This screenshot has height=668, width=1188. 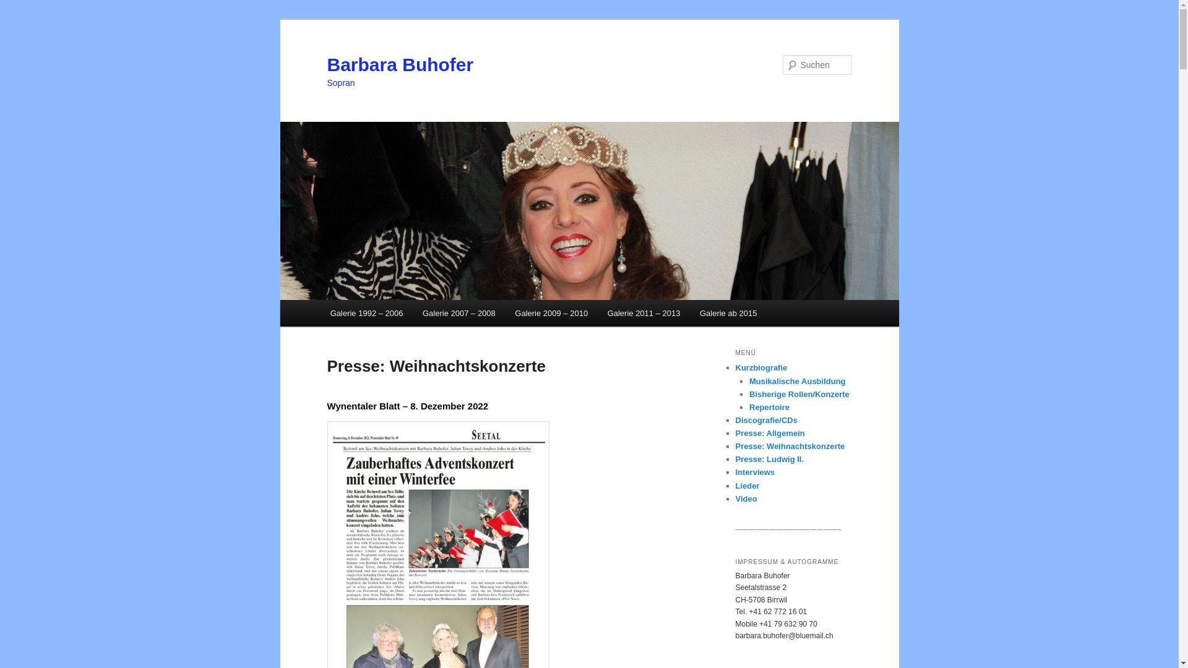 What do you see at coordinates (728, 312) in the screenshot?
I see `'Galerie ab 2015'` at bounding box center [728, 312].